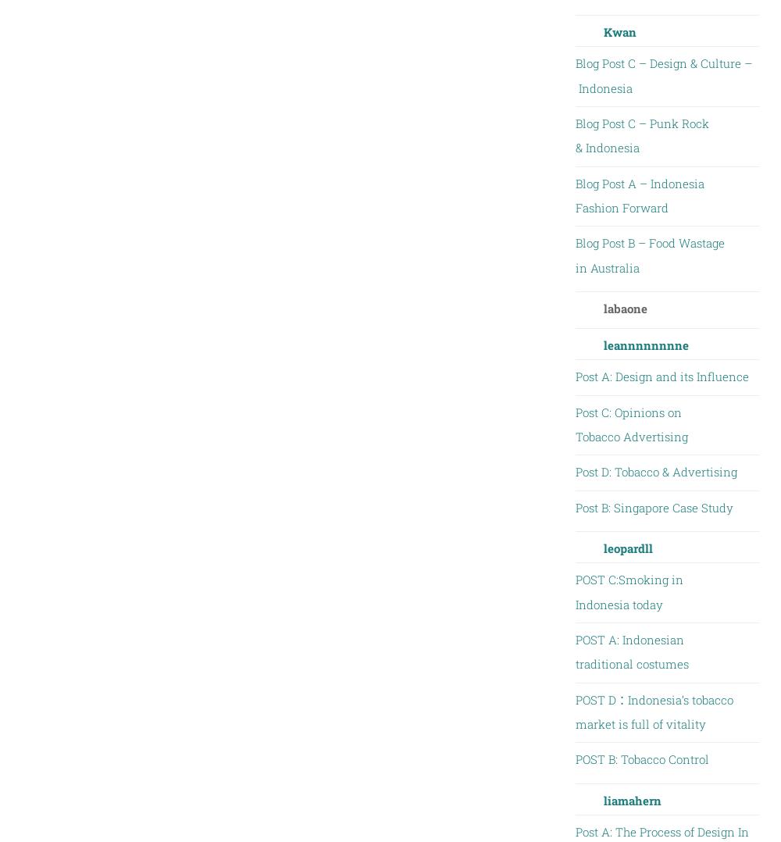 This screenshot has width=781, height=842. Describe the element at coordinates (648, 254) in the screenshot. I see `'Blog Post B – Food Wastage in Australia'` at that location.